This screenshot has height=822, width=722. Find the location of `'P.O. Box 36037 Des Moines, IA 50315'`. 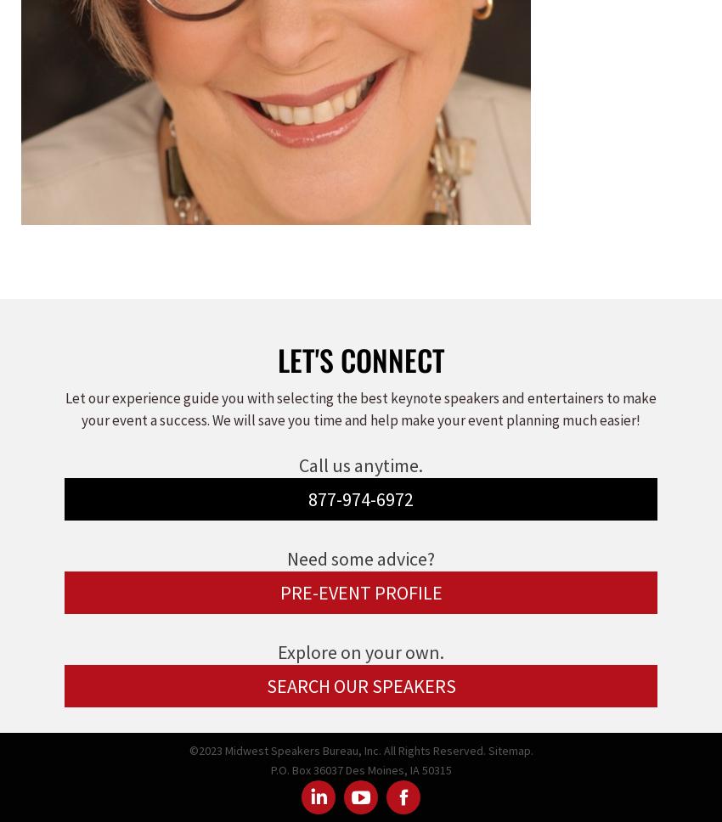

'P.O. Box 36037 Des Moines, IA 50315' is located at coordinates (269, 770).